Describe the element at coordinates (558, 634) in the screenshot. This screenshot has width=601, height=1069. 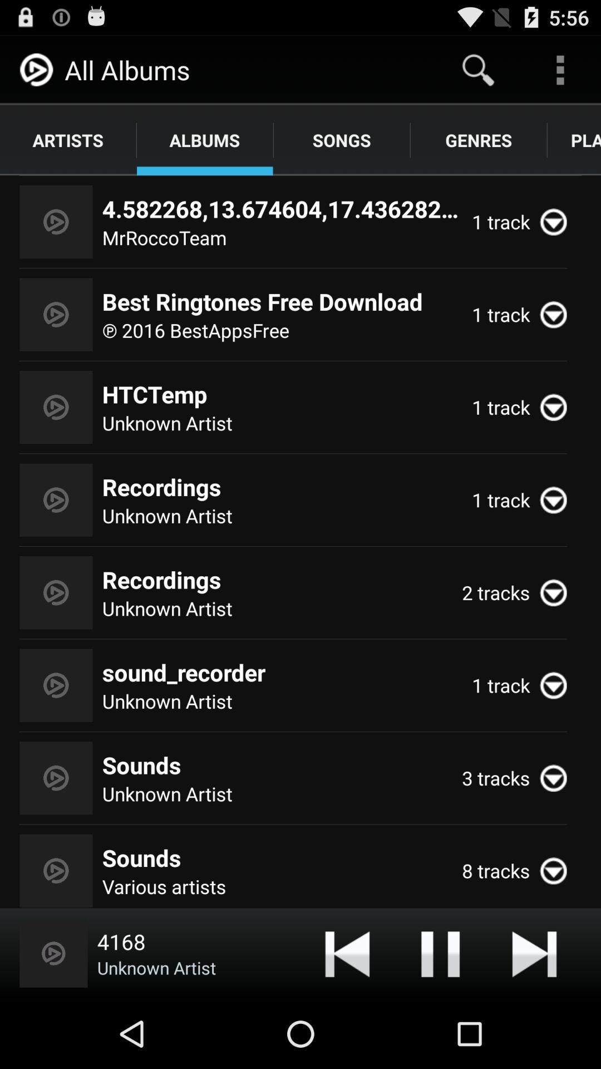
I see `the expand_more icon` at that location.